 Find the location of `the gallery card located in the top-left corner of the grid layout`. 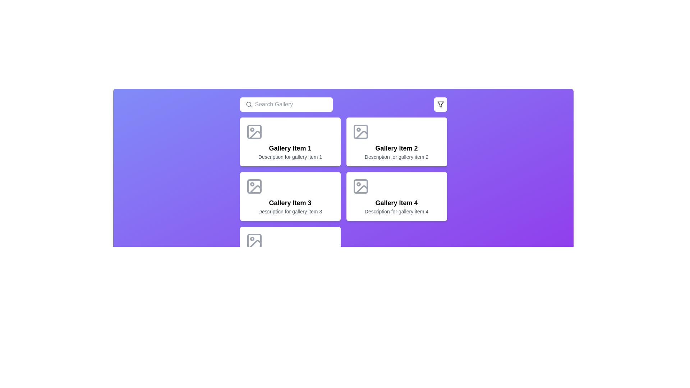

the gallery card located in the top-left corner of the grid layout is located at coordinates (290, 142).